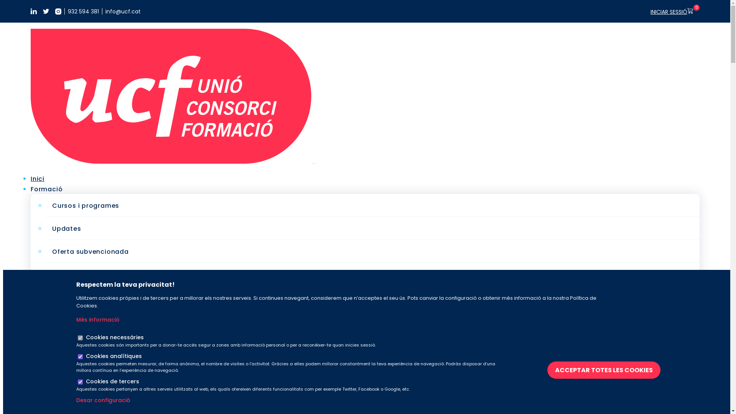 The image size is (736, 414). I want to click on 'https://www.linkedin.com/company/uni-consorci-formaci-/', so click(33, 11).